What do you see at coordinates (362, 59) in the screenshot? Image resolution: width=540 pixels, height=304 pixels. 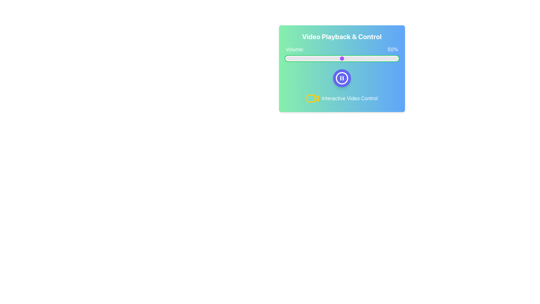 I see `the volume` at bounding box center [362, 59].